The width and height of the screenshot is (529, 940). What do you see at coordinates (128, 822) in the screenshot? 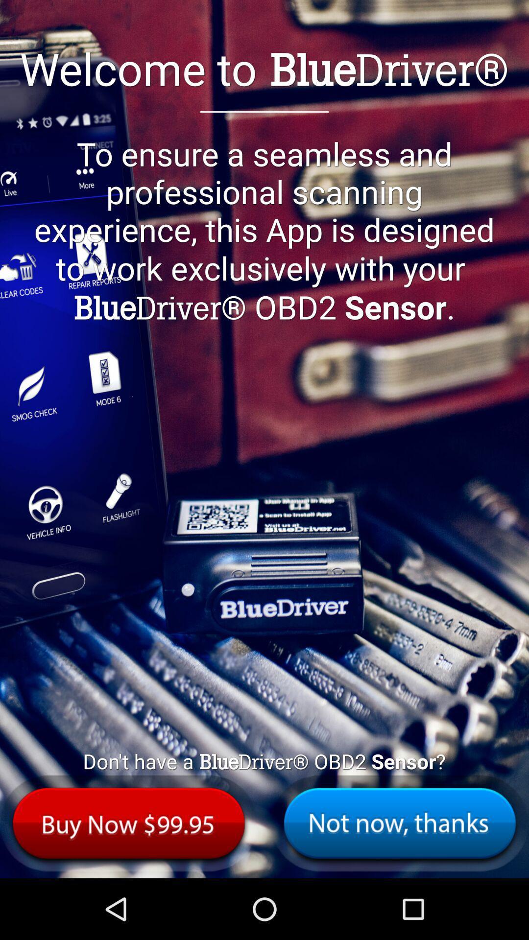
I see `buy now` at bounding box center [128, 822].